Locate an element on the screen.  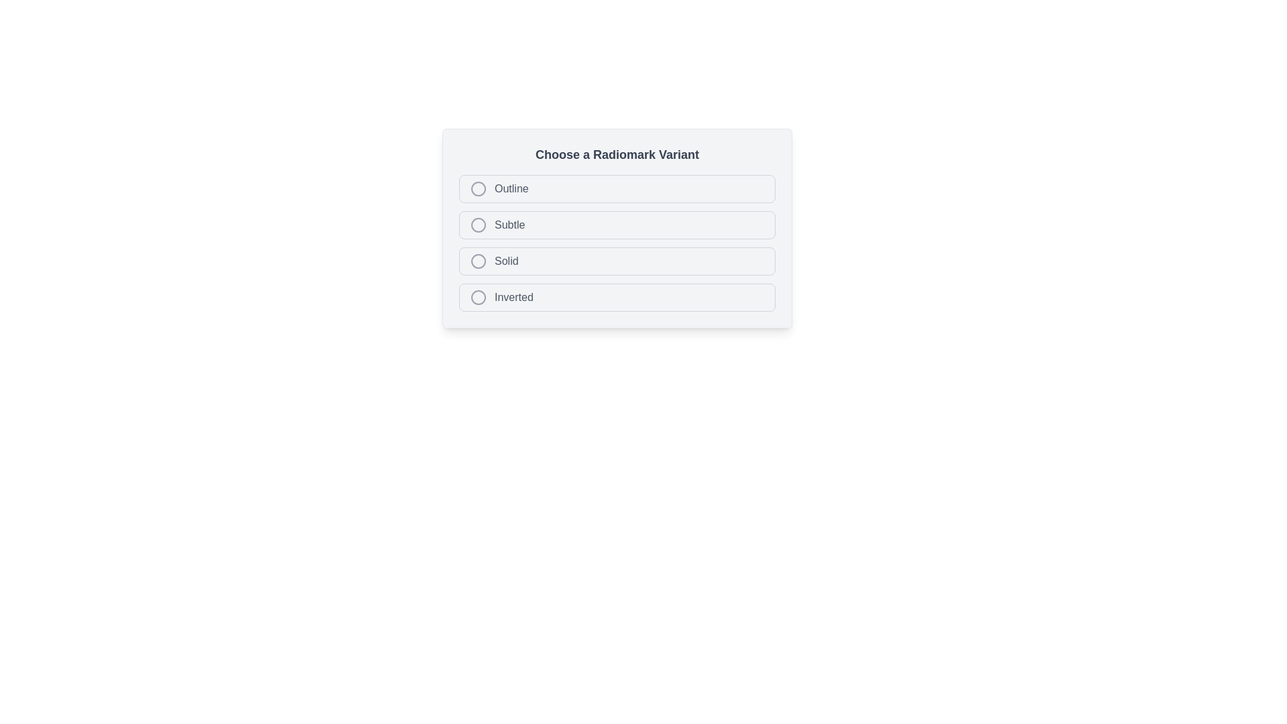
the circular radio button indicator located to the left of the text 'Solid' is located at coordinates (479, 261).